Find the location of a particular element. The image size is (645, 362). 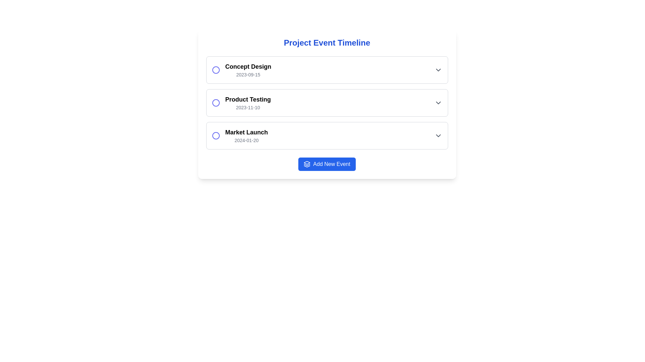

the dropdown trigger icon located on the far right of the 'Market Launch - 2024-01-20' entry is located at coordinates (438, 136).